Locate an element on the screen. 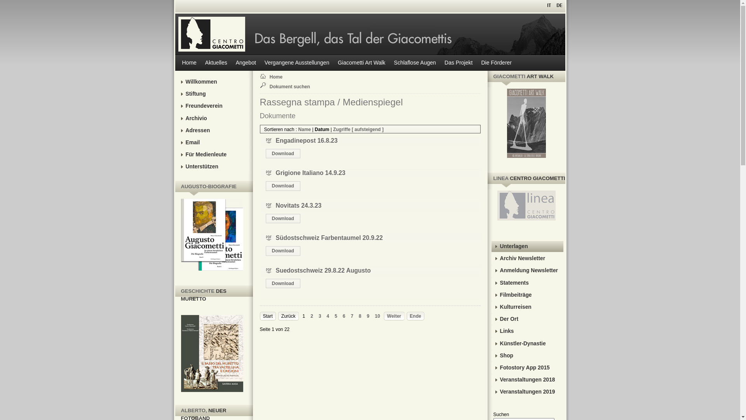  '2' is located at coordinates (312, 316).